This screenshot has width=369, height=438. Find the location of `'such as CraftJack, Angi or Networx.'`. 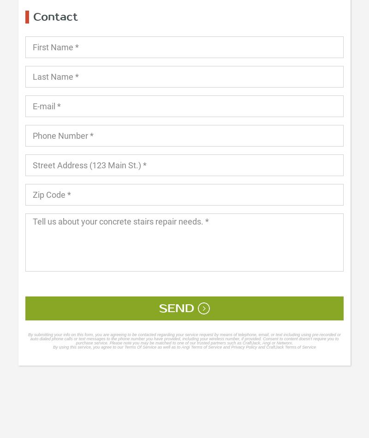

'such as CraftJack, Angi or Networx.' is located at coordinates (259, 343).